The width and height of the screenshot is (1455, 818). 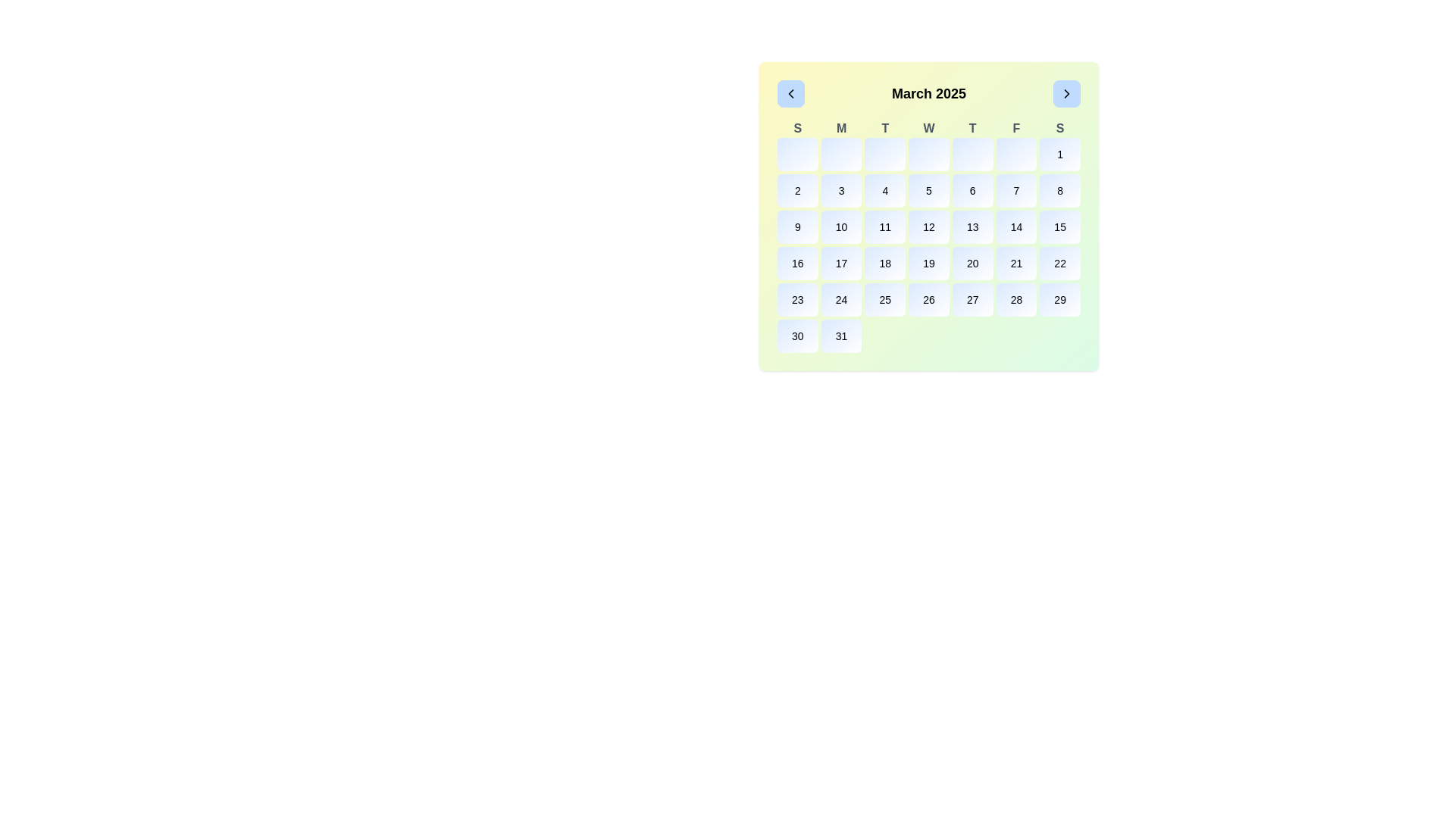 What do you see at coordinates (928, 227) in the screenshot?
I see `the button representing the date of March 12th in the calendar for March 2025` at bounding box center [928, 227].